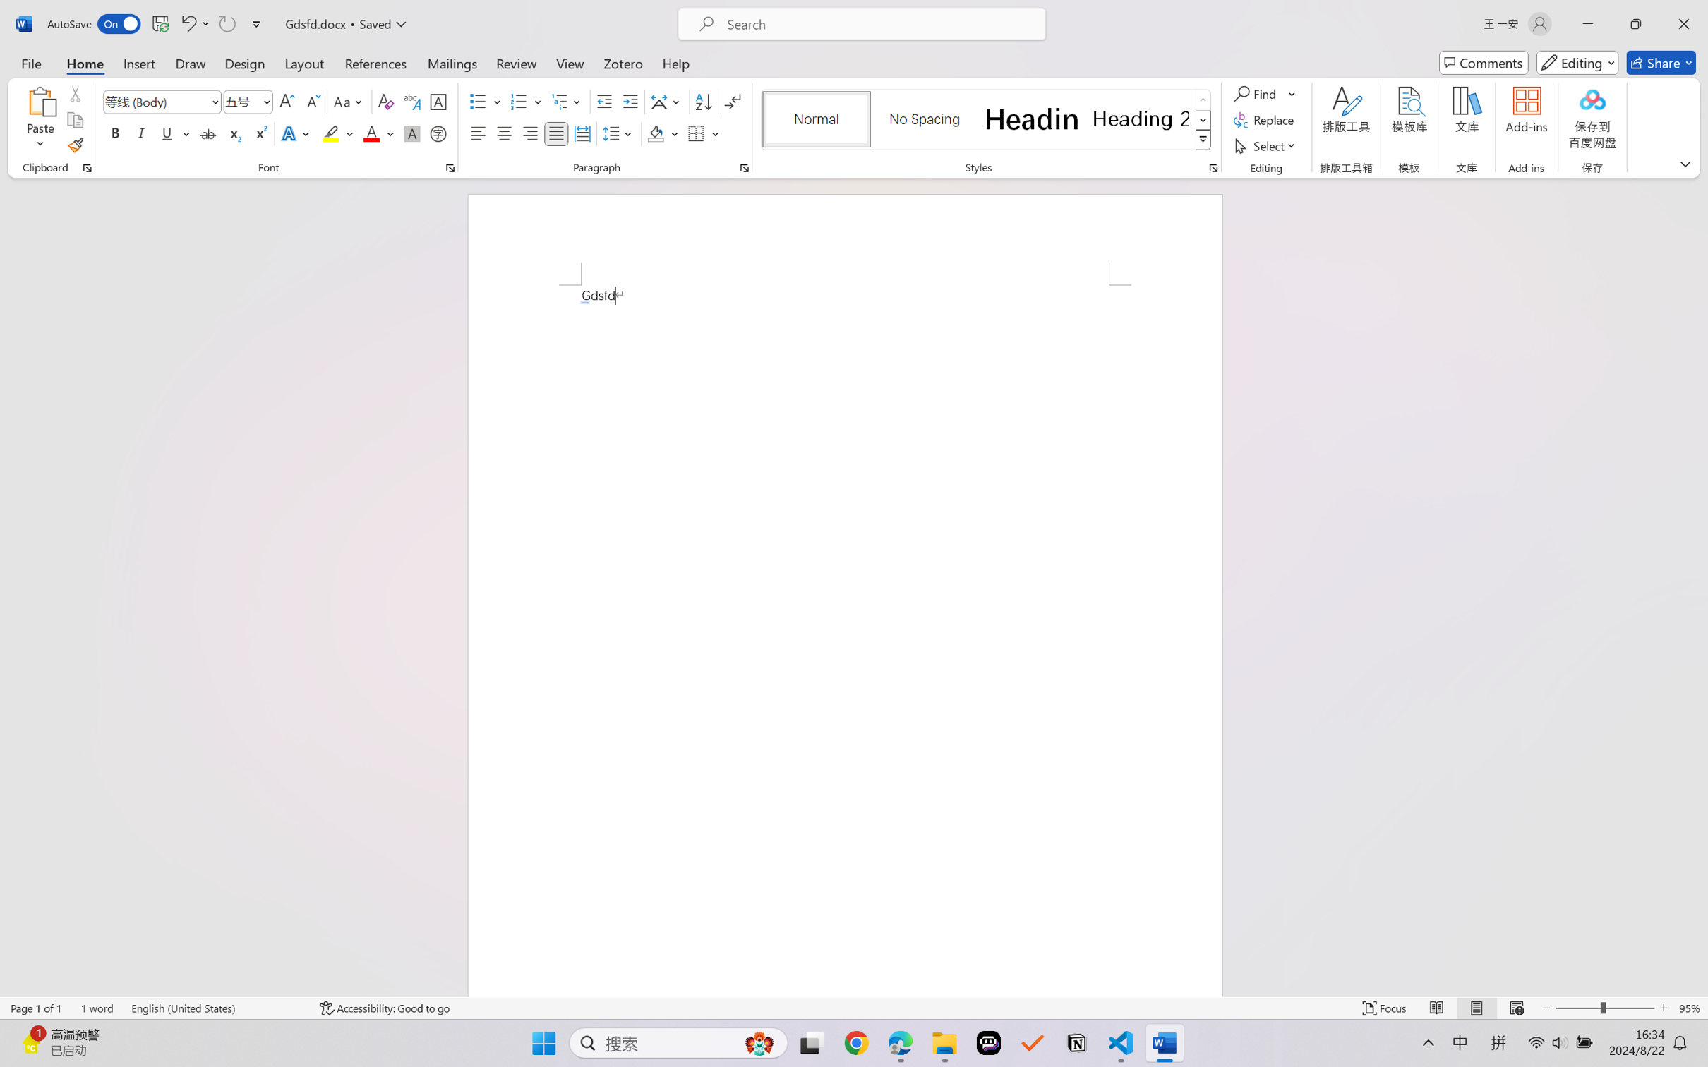 The height and width of the screenshot is (1067, 1708). I want to click on 'Align Right', so click(531, 133).